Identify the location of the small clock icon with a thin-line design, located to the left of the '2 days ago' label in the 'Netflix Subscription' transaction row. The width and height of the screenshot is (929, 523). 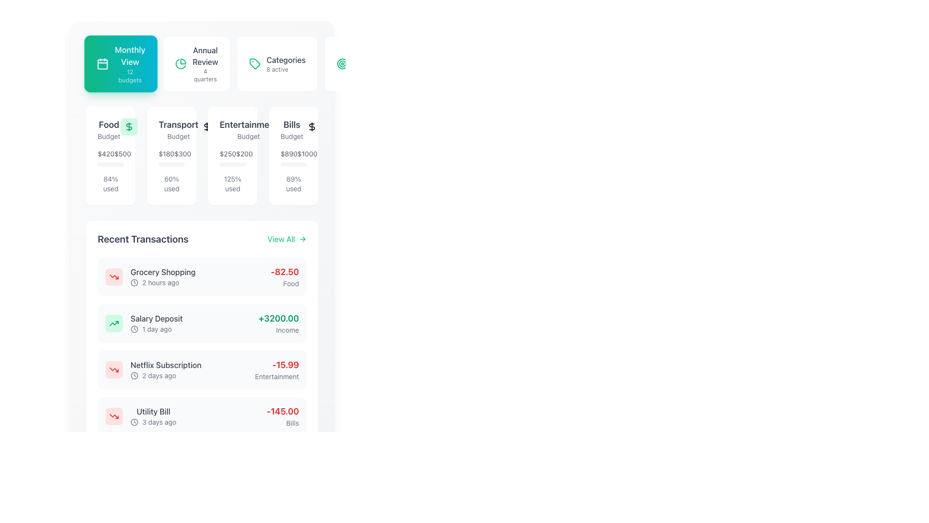
(134, 375).